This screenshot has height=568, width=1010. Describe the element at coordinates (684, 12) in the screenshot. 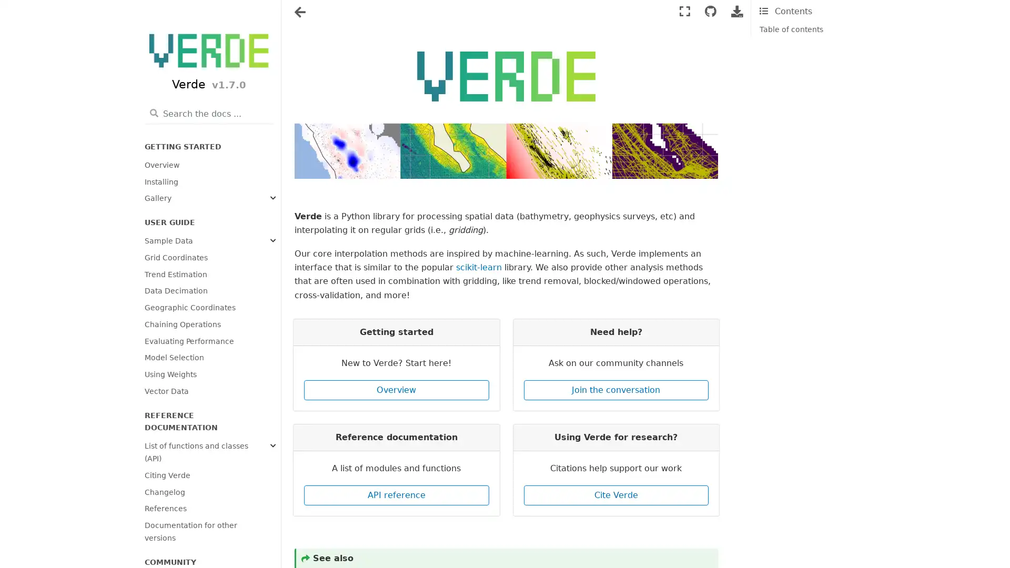

I see `Fullscreen mode` at that location.